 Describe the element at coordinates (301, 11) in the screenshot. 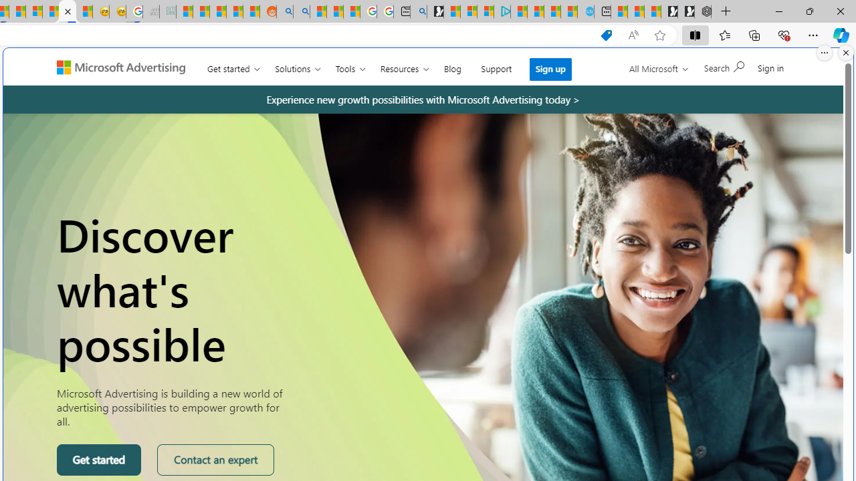

I see `'Utah sues federal government - Search'` at that location.